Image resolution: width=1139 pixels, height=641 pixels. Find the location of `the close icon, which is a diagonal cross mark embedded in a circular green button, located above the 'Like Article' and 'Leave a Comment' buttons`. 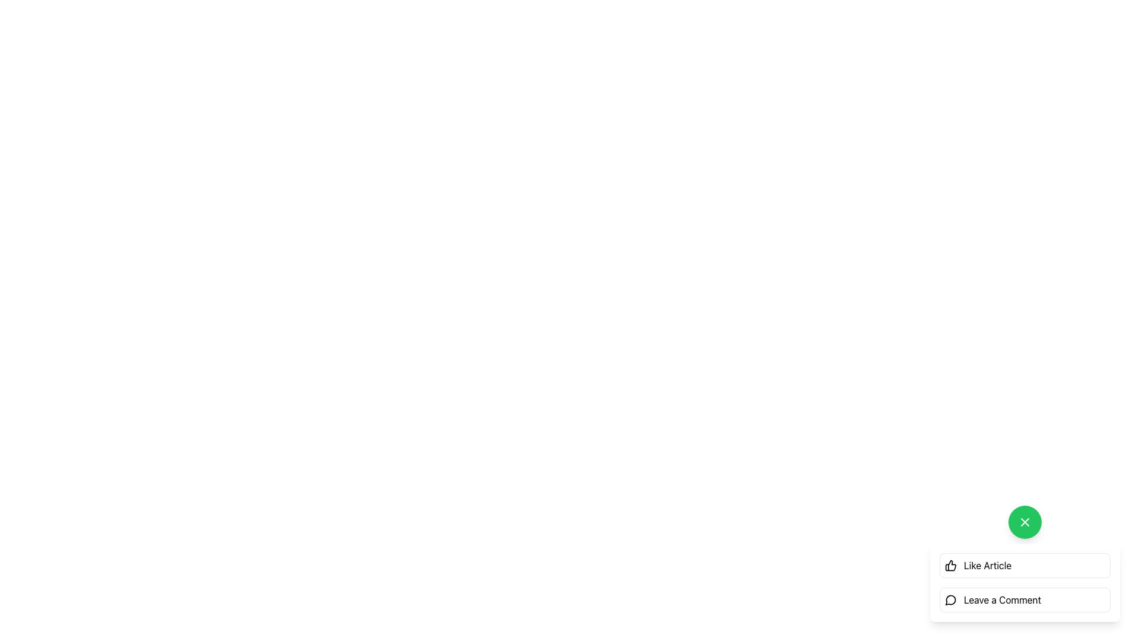

the close icon, which is a diagonal cross mark embedded in a circular green button, located above the 'Like Article' and 'Leave a Comment' buttons is located at coordinates (1025, 521).